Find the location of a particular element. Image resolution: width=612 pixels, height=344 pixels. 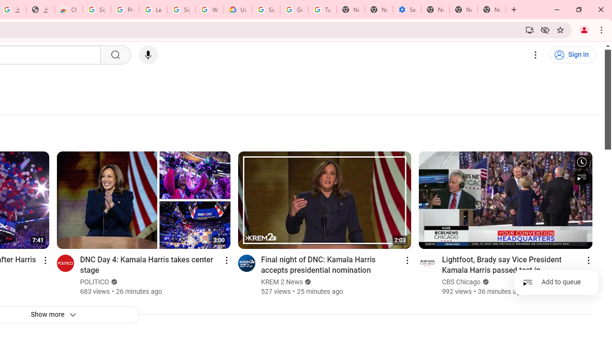

'Add to queue' is located at coordinates (556, 281).